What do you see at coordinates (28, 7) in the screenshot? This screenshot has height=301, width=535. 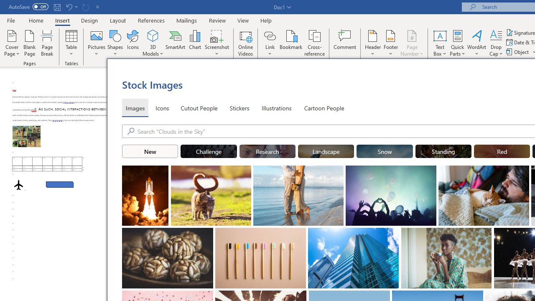 I see `'AutoSave'` at bounding box center [28, 7].